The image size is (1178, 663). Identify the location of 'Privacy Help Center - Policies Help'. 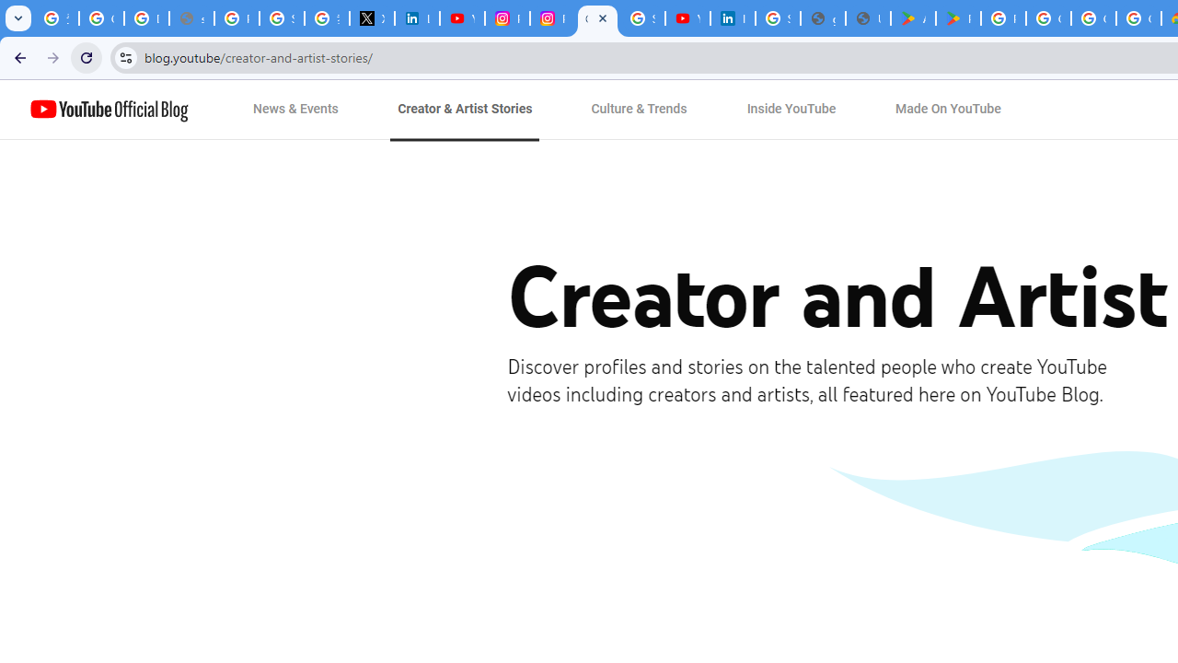
(236, 18).